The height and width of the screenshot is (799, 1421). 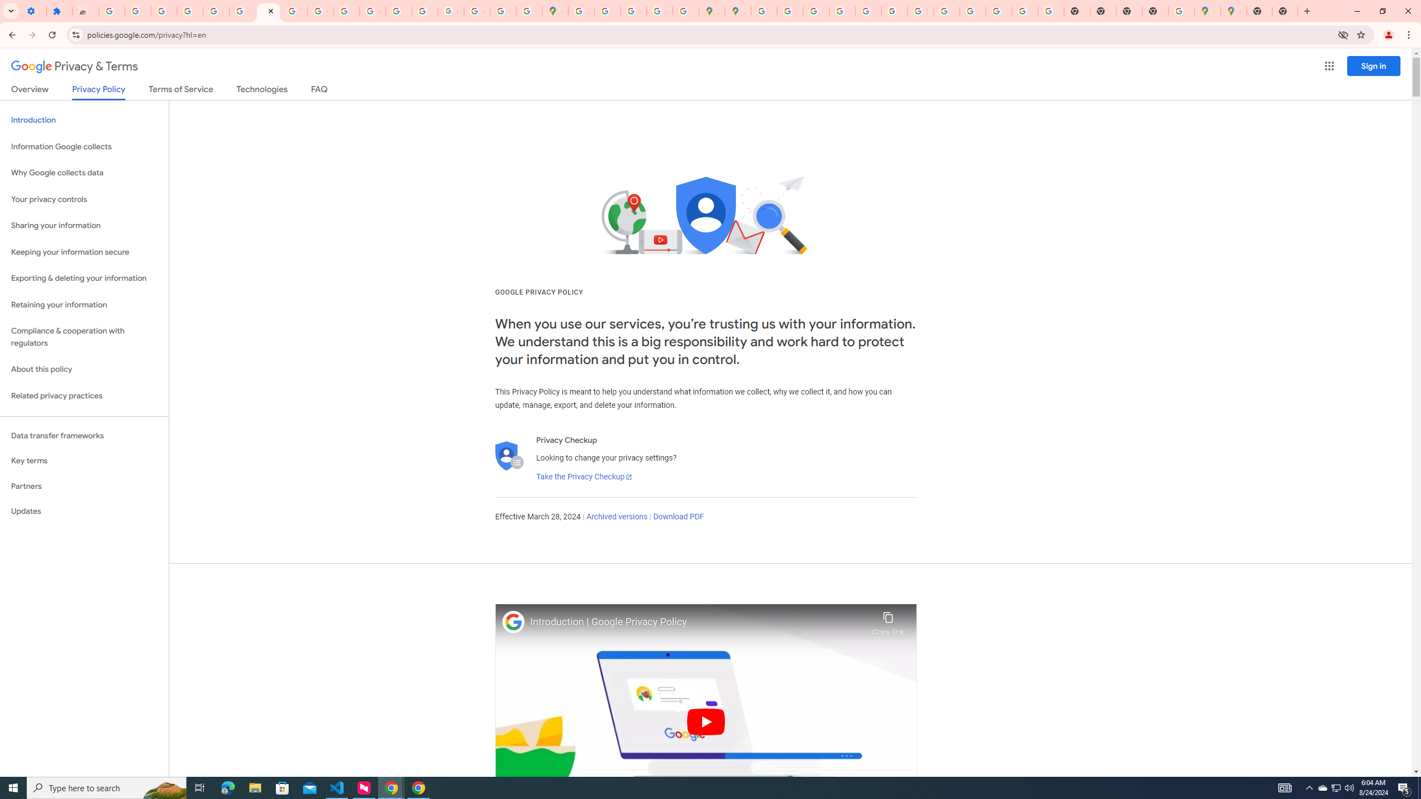 I want to click on 'About this policy', so click(x=84, y=370).